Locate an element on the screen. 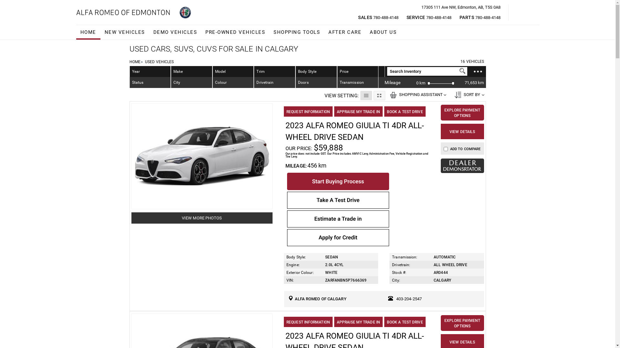  'VIEW MORE PHOTOS' is located at coordinates (201, 217).